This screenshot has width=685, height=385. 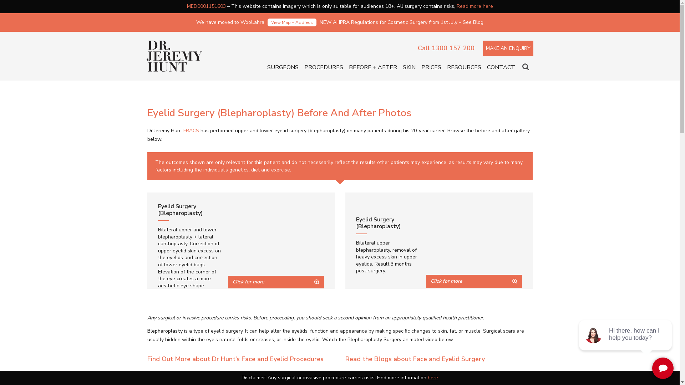 What do you see at coordinates (445, 48) in the screenshot?
I see `'Call 1300 157 200'` at bounding box center [445, 48].